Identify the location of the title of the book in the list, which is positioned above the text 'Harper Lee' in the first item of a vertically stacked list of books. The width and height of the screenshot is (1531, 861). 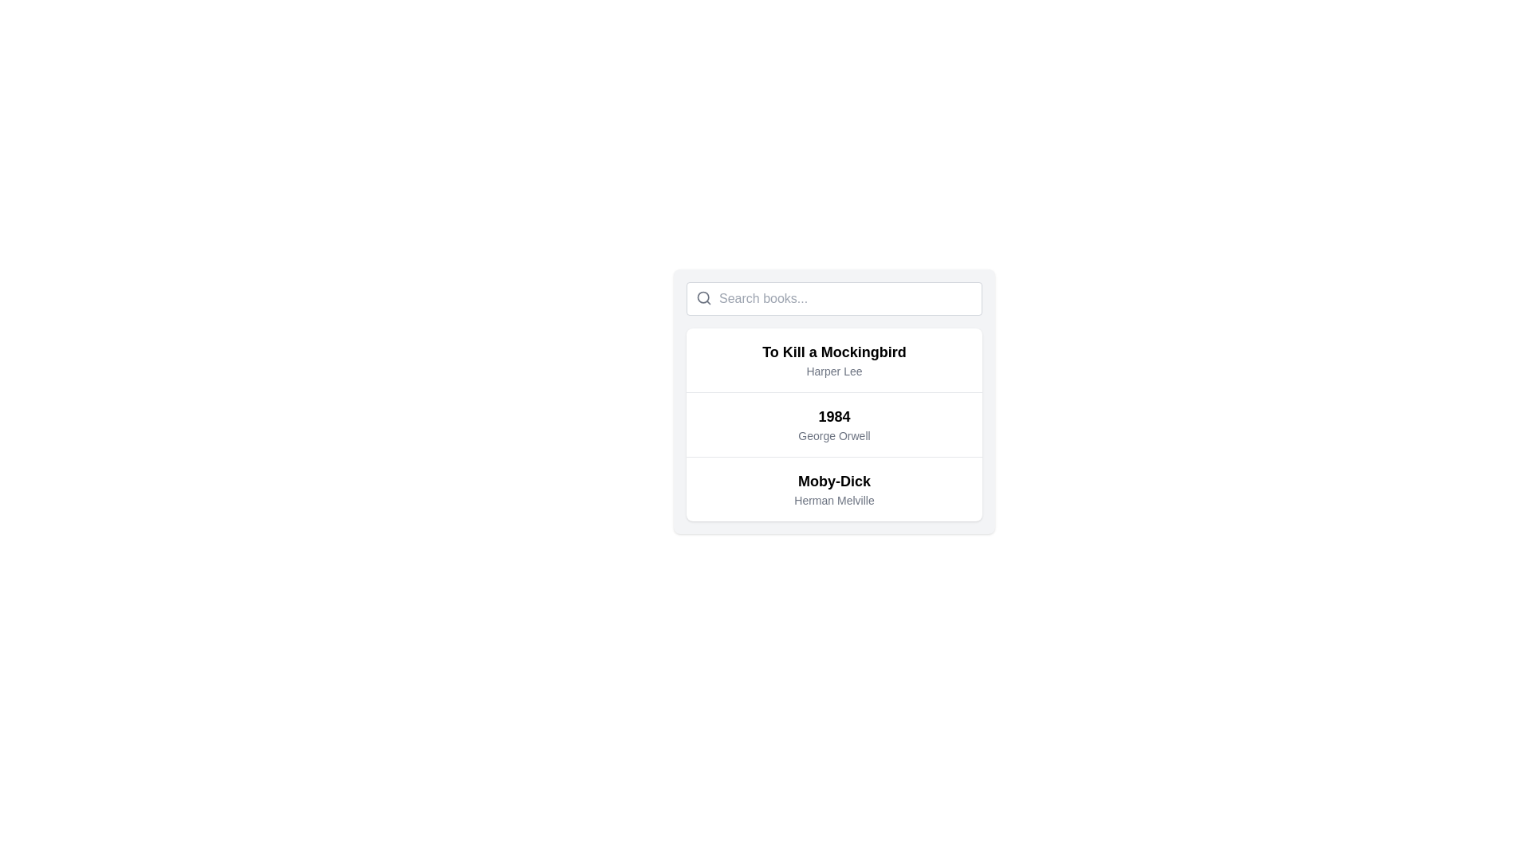
(833, 352).